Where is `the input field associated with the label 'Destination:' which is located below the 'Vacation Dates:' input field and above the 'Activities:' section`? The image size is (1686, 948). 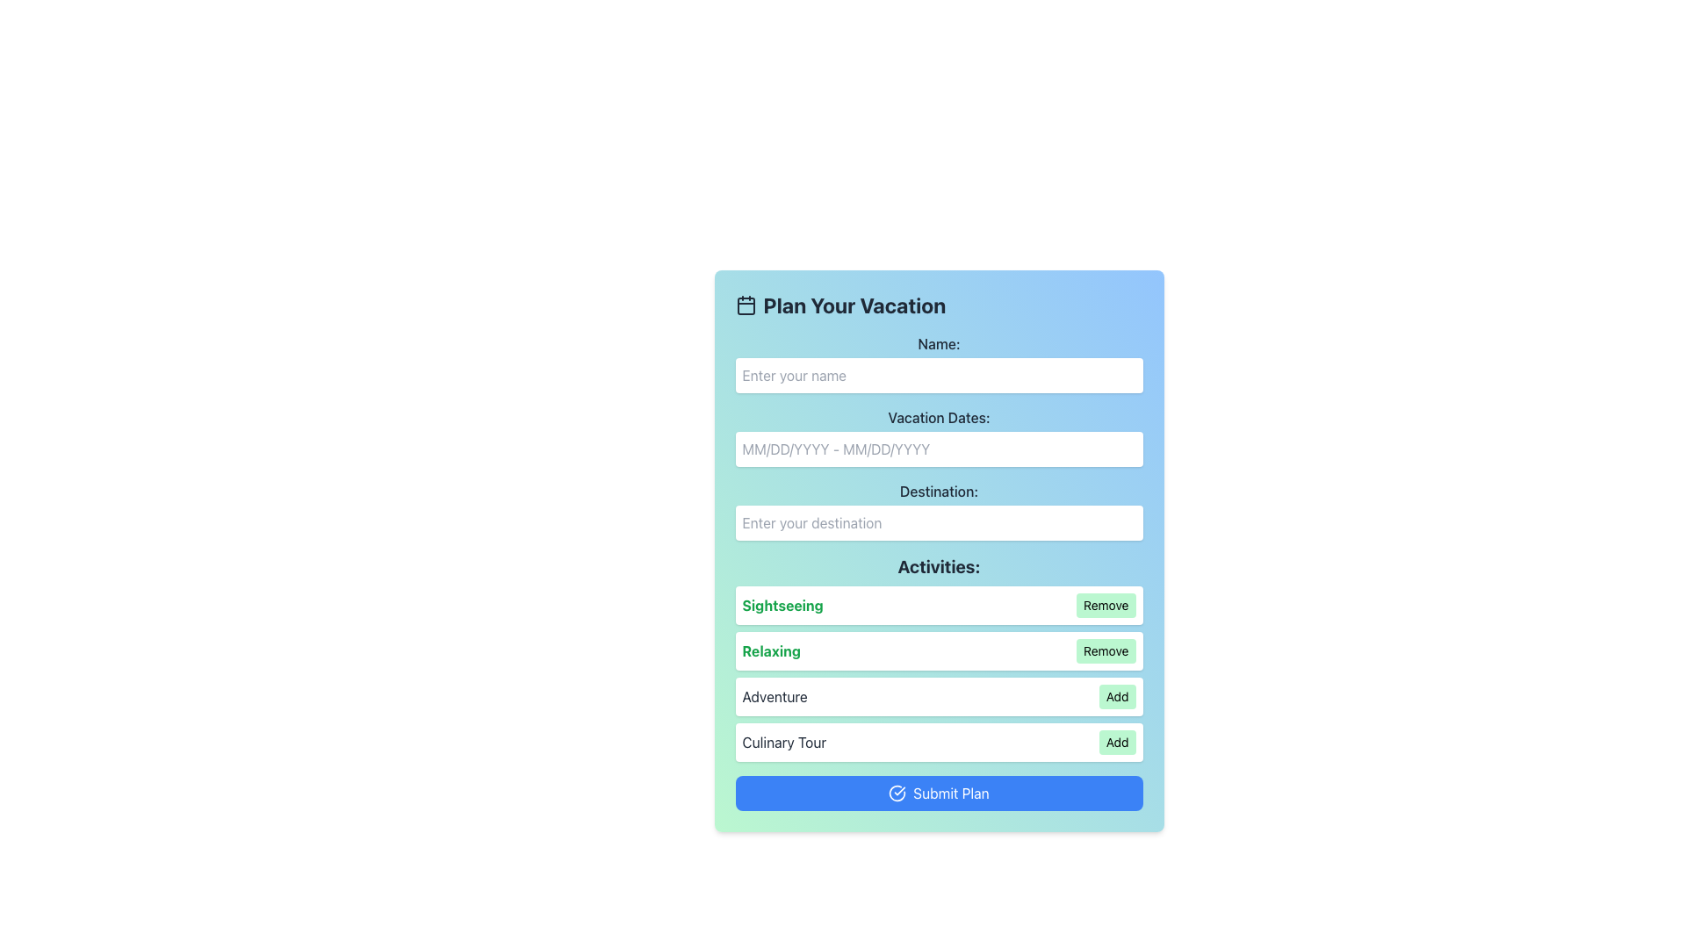 the input field associated with the label 'Destination:' which is located below the 'Vacation Dates:' input field and above the 'Activities:' section is located at coordinates (938, 511).